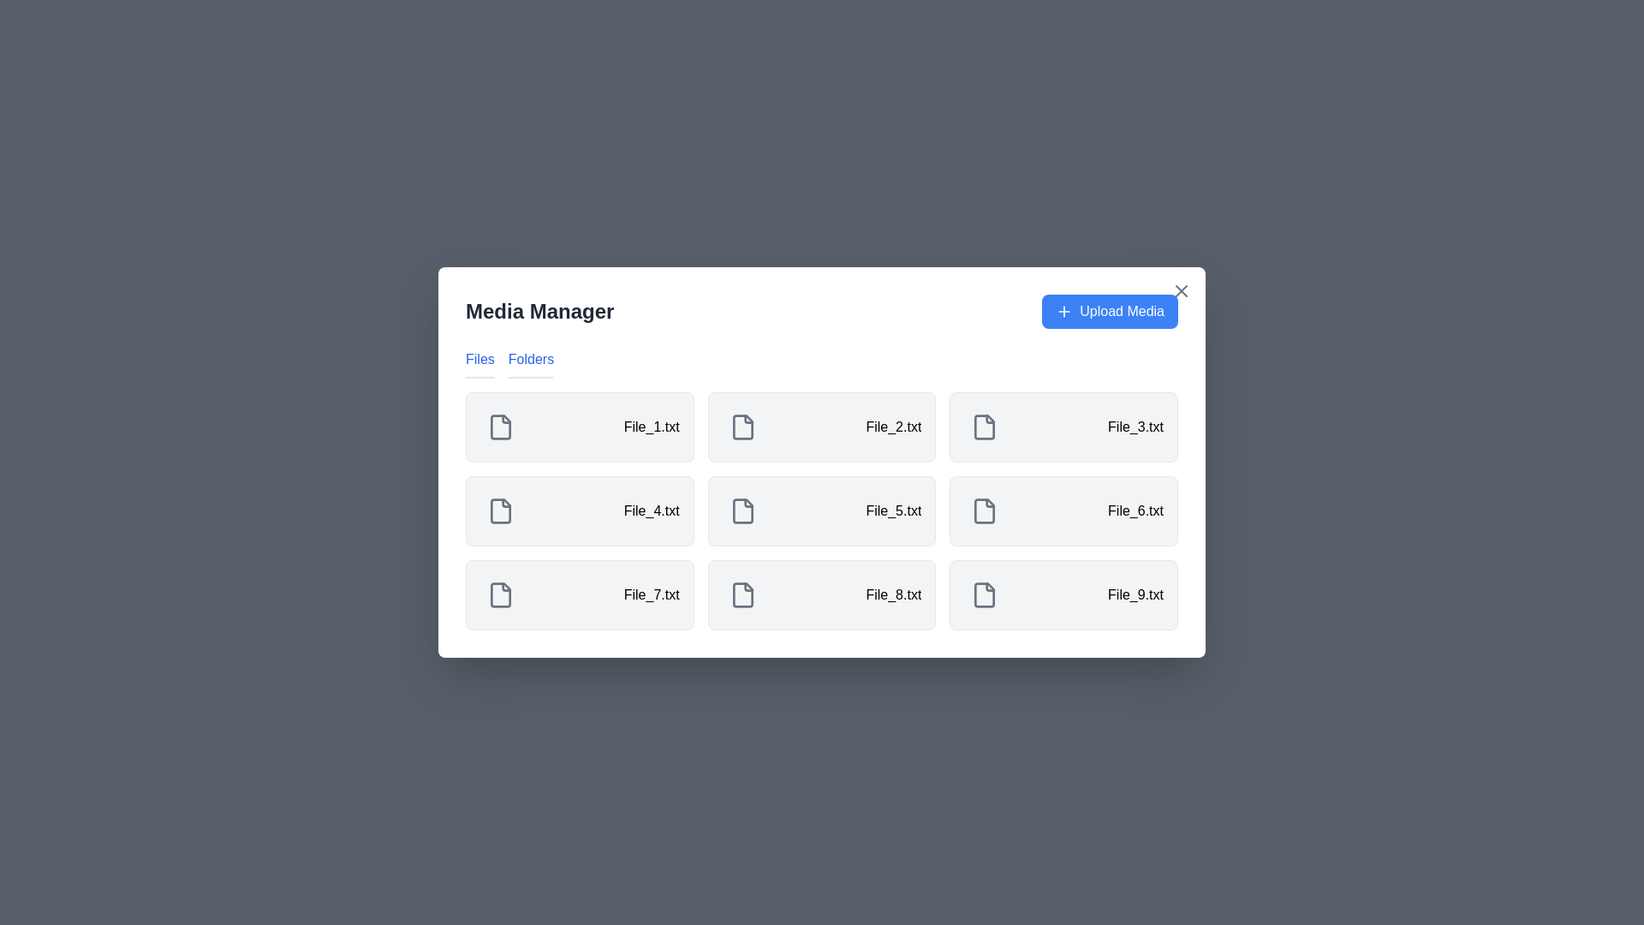  What do you see at coordinates (651, 594) in the screenshot?
I see `the text label displaying 'File_7.txt' located in the third row, first column of the file list grid layout` at bounding box center [651, 594].